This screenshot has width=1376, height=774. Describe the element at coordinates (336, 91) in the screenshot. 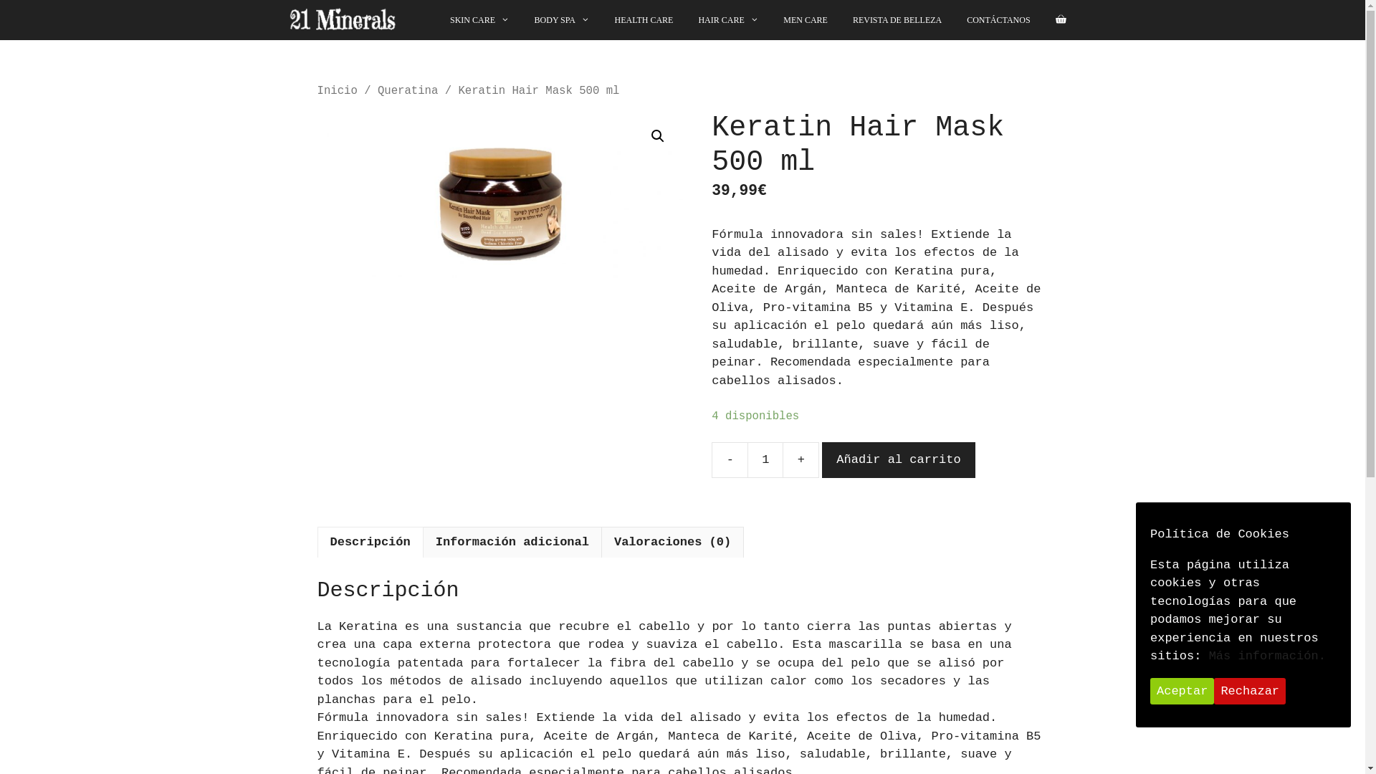

I see `'Inicio'` at that location.